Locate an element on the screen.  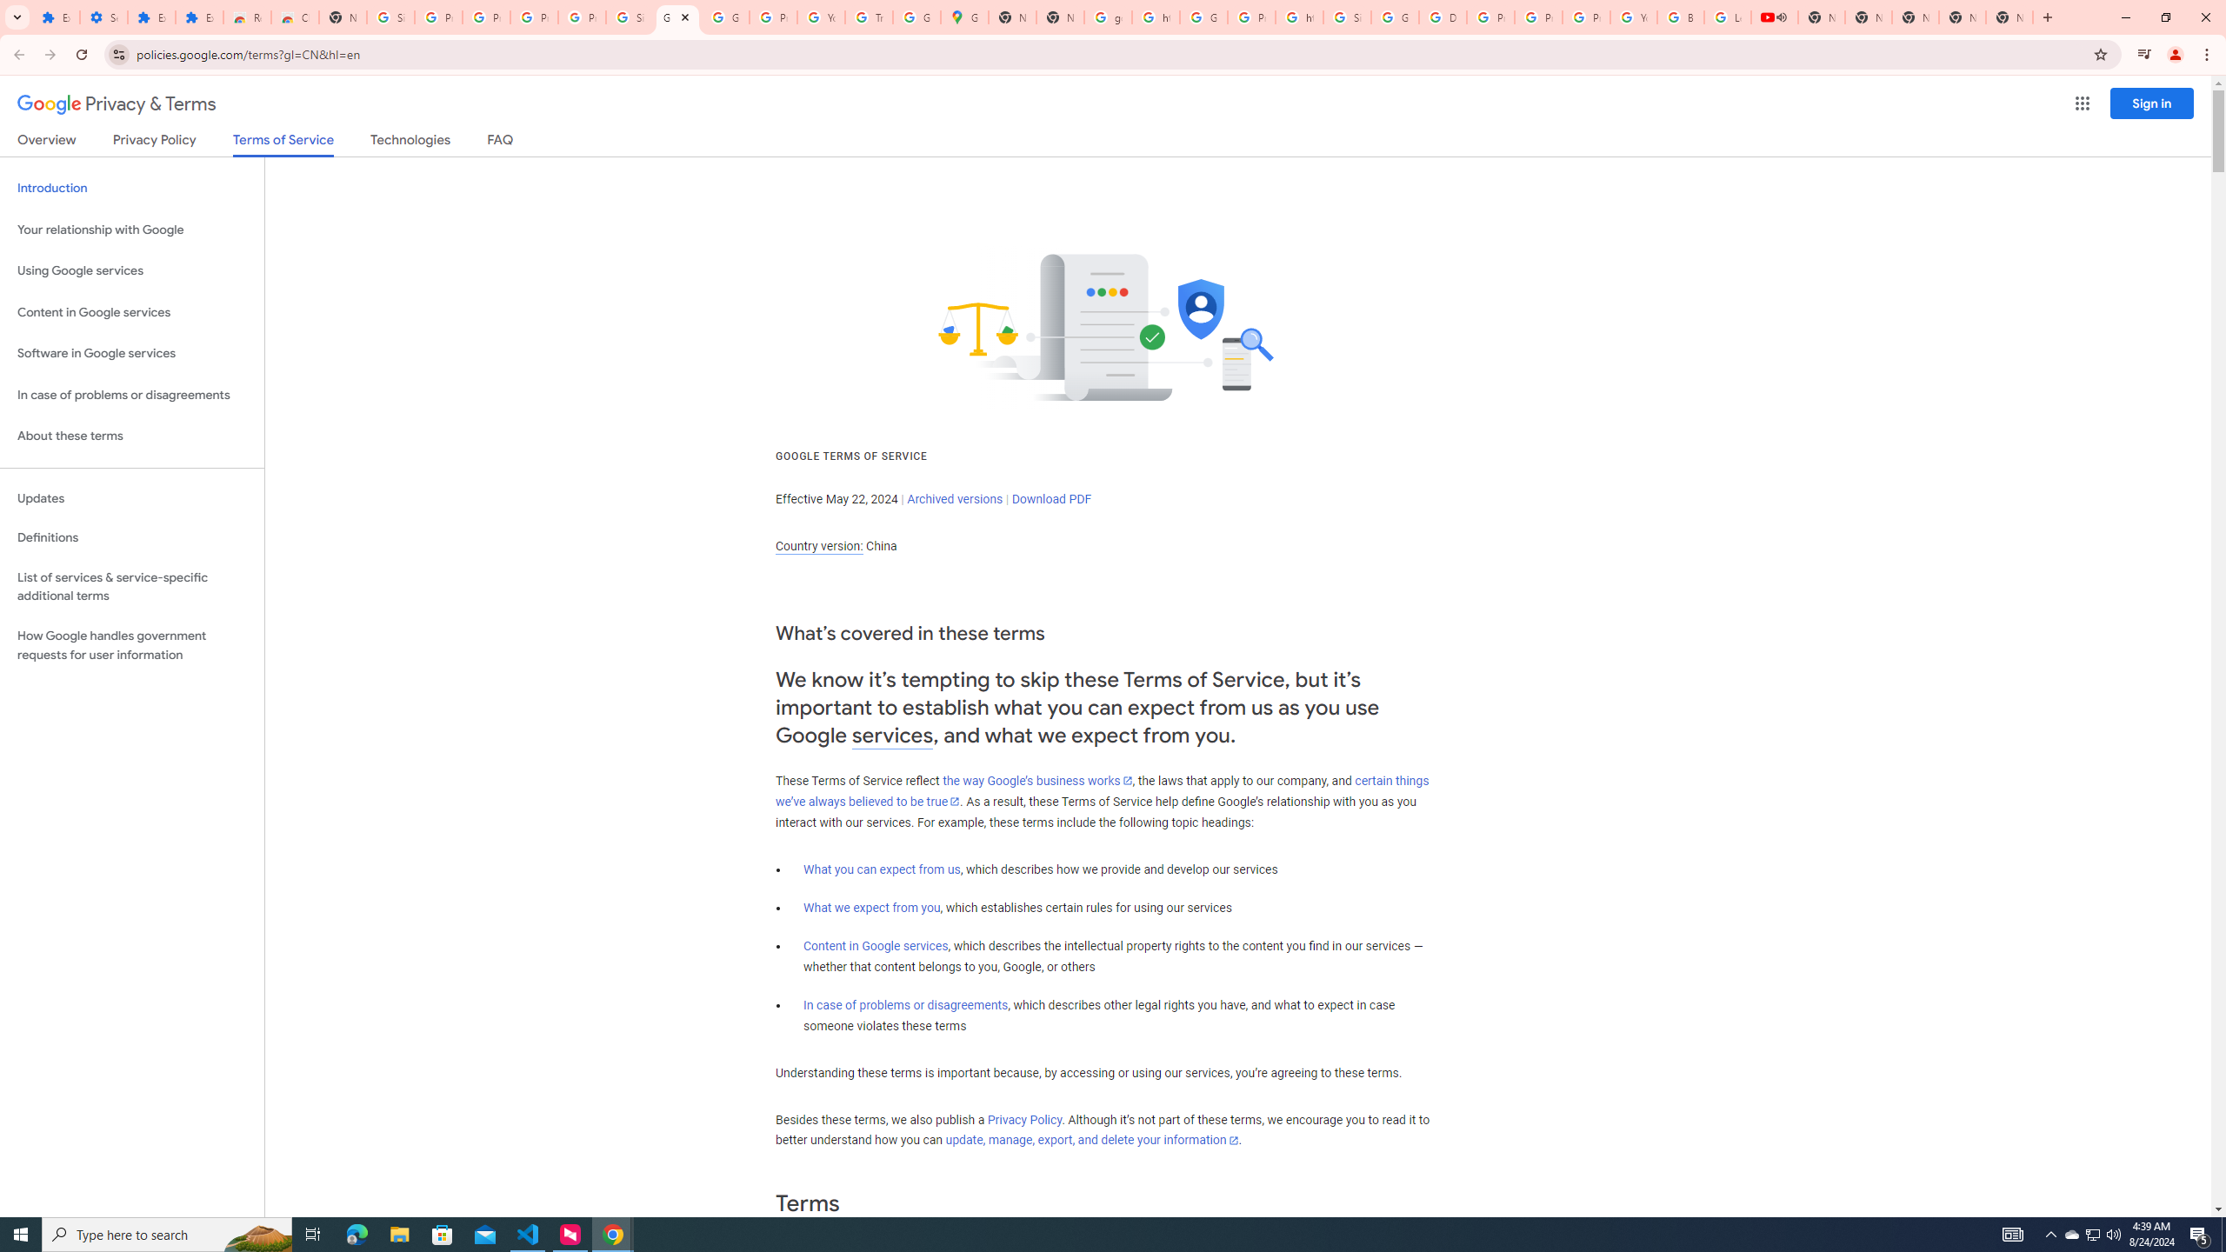
'In case of problems or disagreements' is located at coordinates (904, 1005).